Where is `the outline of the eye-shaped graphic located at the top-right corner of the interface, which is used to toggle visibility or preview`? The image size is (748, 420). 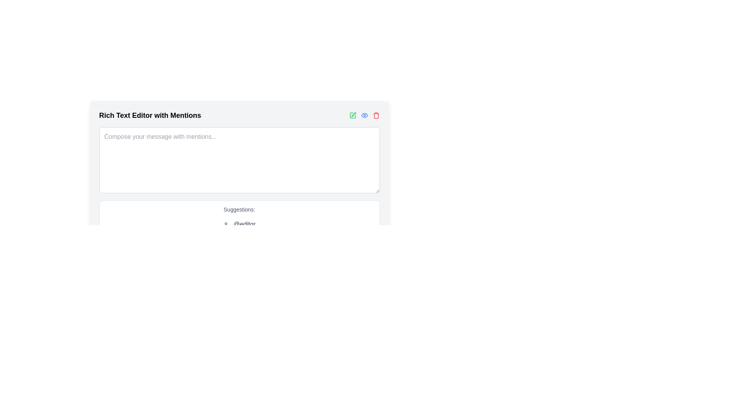 the outline of the eye-shaped graphic located at the top-right corner of the interface, which is used to toggle visibility or preview is located at coordinates (364, 115).